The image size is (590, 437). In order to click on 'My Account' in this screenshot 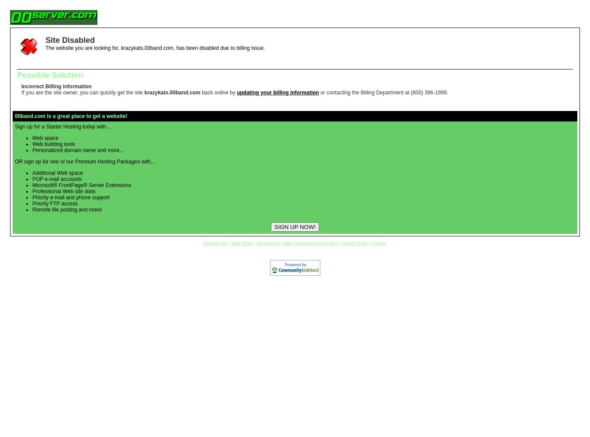, I will do `click(267, 243)`.